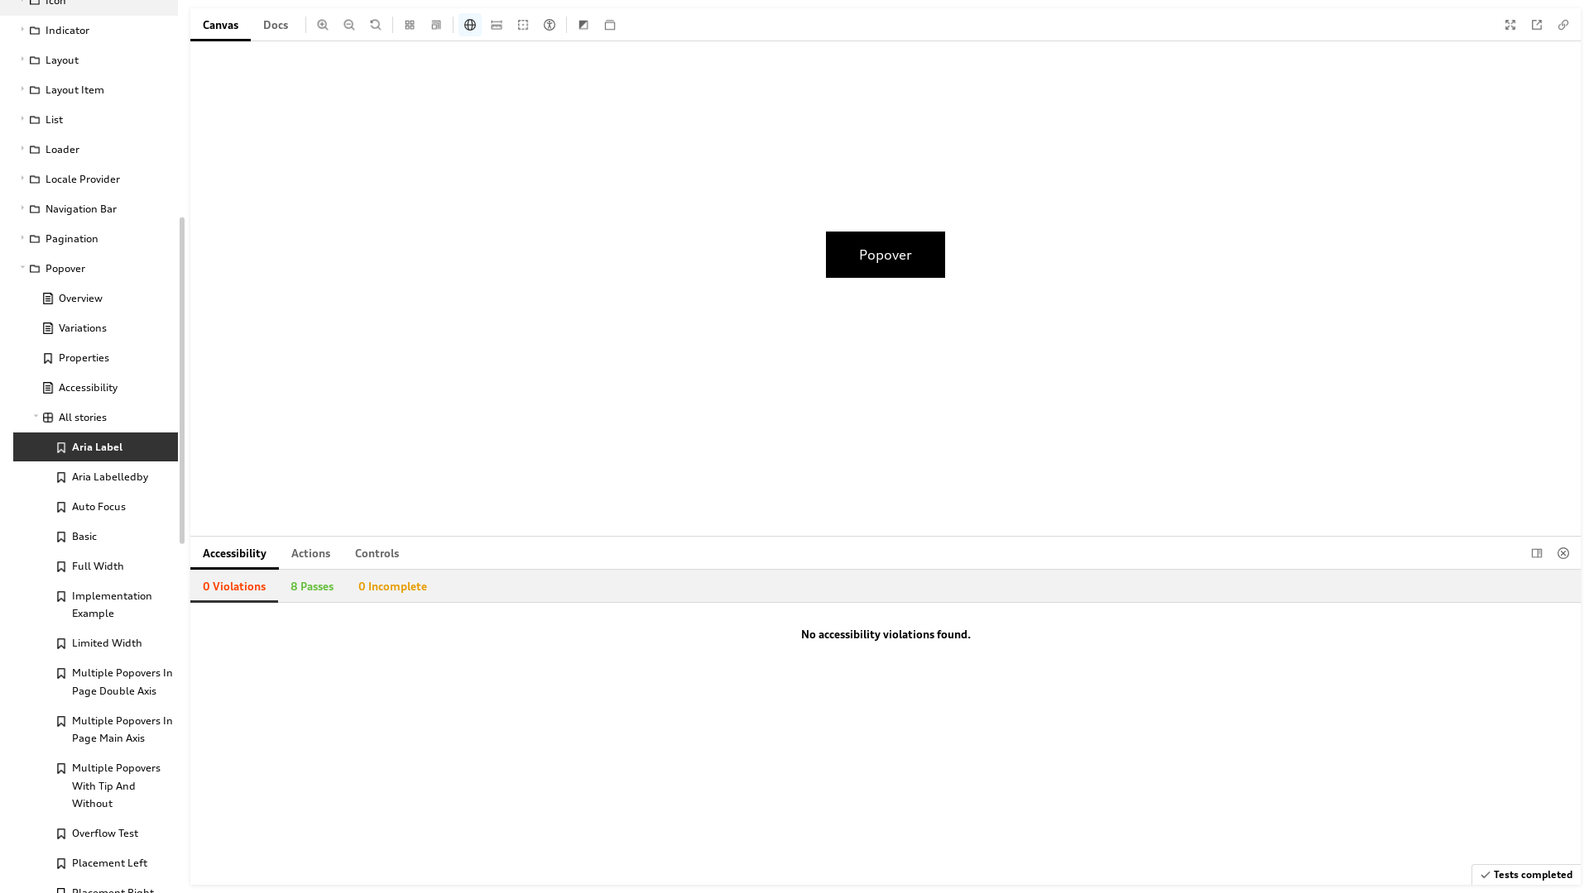 The image size is (1589, 893). What do you see at coordinates (94, 356) in the screenshot?
I see `'Properties'` at bounding box center [94, 356].